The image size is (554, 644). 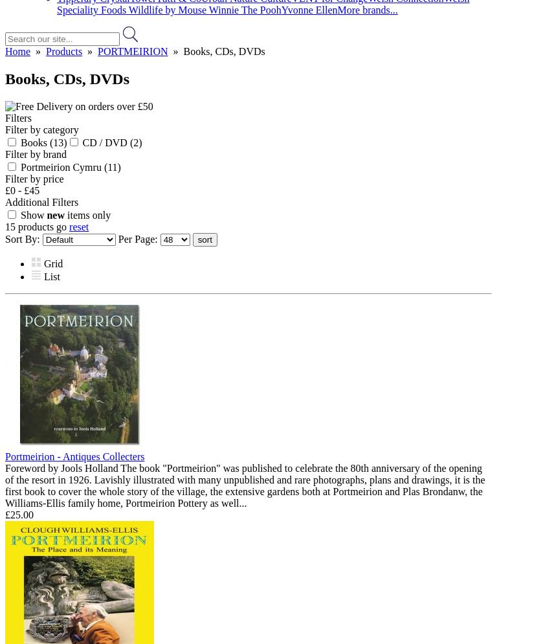 I want to click on 'Foreword by Jools Holland
The book "Portmeirion" was published to celebrate the 80th anniversary of the opening of the resort in 1926. Lavishly illustrated with many unpublished and rare photographs, plans and drawings, it is the first book to cover the whole story of the village, the extensive gardens both at Portmeirion and Plas Brondanw, the Williams-Ellis family home, Portmeirion Pottery as well...', so click(x=5, y=484).